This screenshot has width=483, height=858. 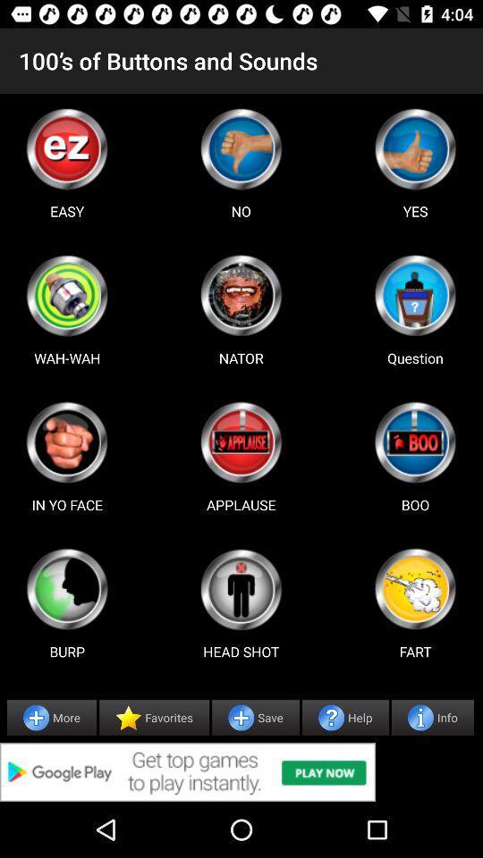 I want to click on right page, so click(x=415, y=147).